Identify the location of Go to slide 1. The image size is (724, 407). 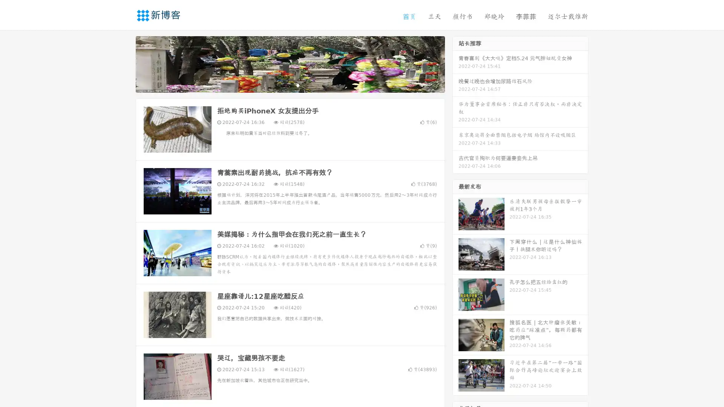
(282, 85).